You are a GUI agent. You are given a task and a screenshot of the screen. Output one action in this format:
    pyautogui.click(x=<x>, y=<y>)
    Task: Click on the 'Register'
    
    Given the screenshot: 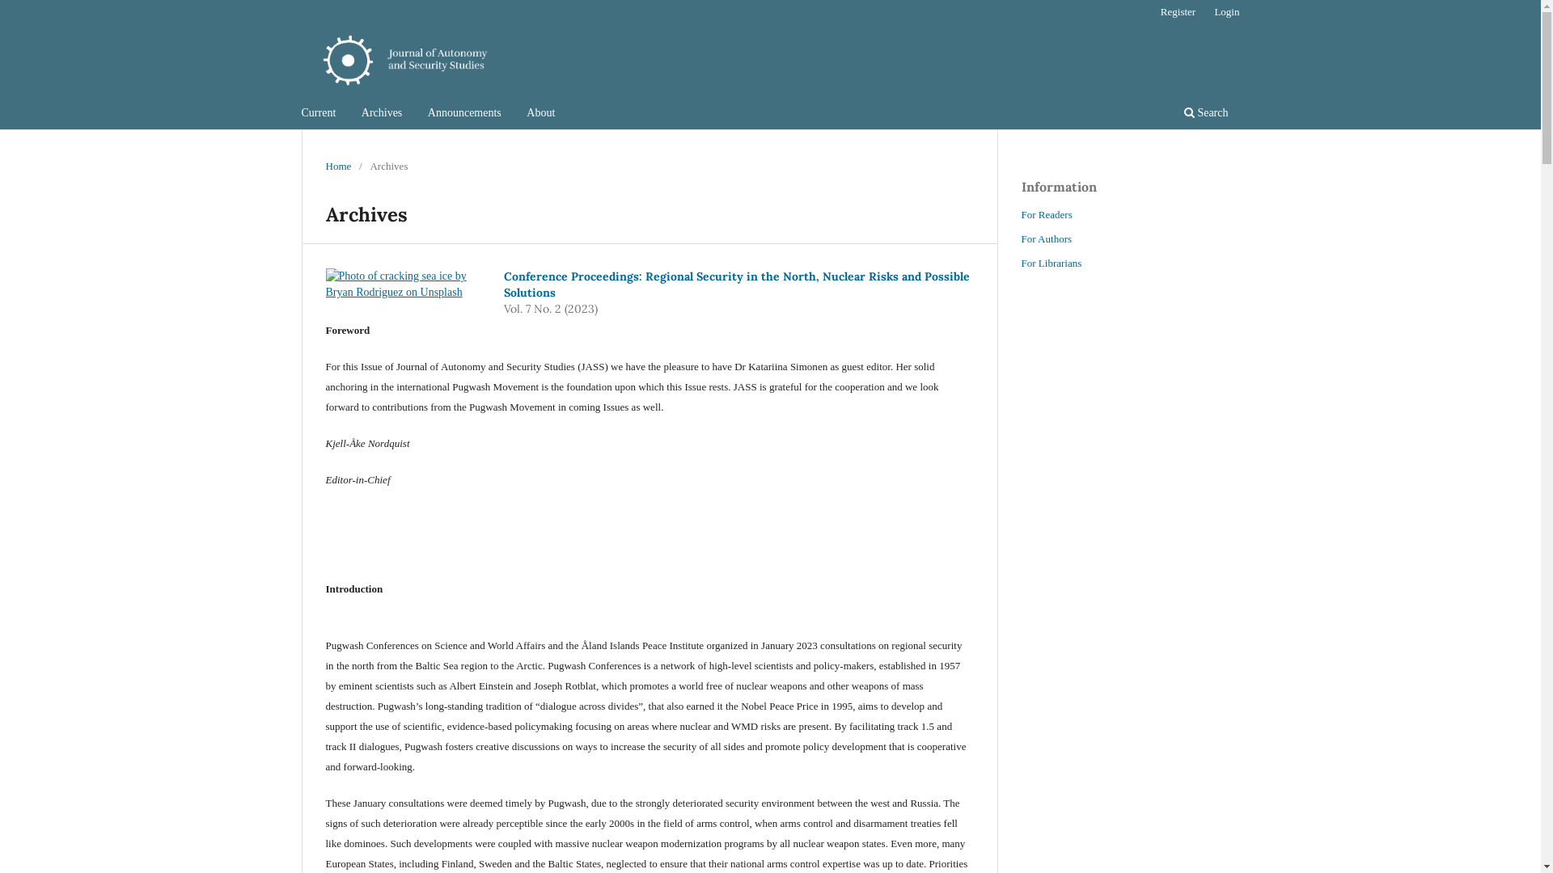 What is the action you would take?
    pyautogui.click(x=1178, y=12)
    